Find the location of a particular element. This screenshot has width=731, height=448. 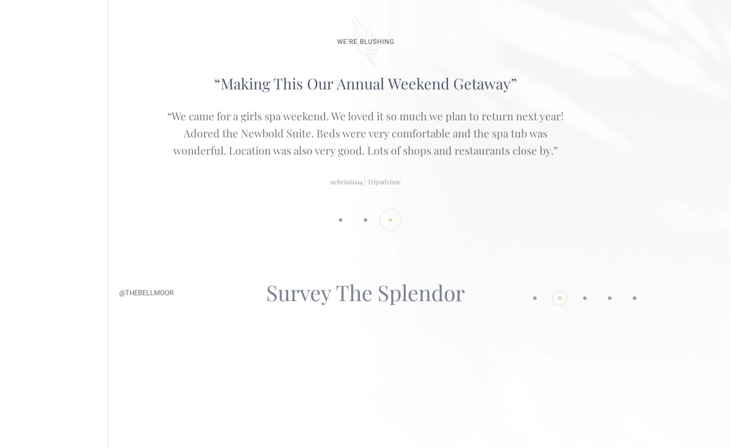

'"The place to stay in Rehoboth Beach"' is located at coordinates (365, 73).